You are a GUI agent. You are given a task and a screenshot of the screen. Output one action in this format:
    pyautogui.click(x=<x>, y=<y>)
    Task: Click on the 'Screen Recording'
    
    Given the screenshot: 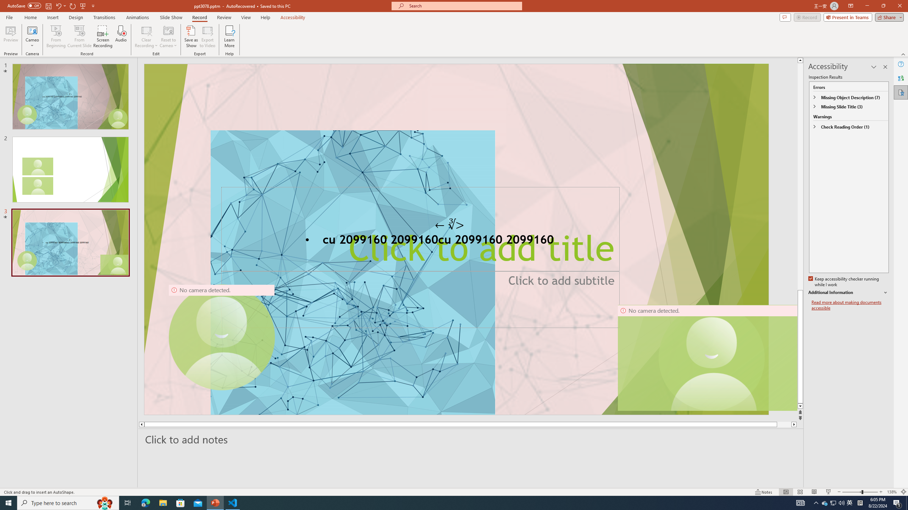 What is the action you would take?
    pyautogui.click(x=103, y=36)
    